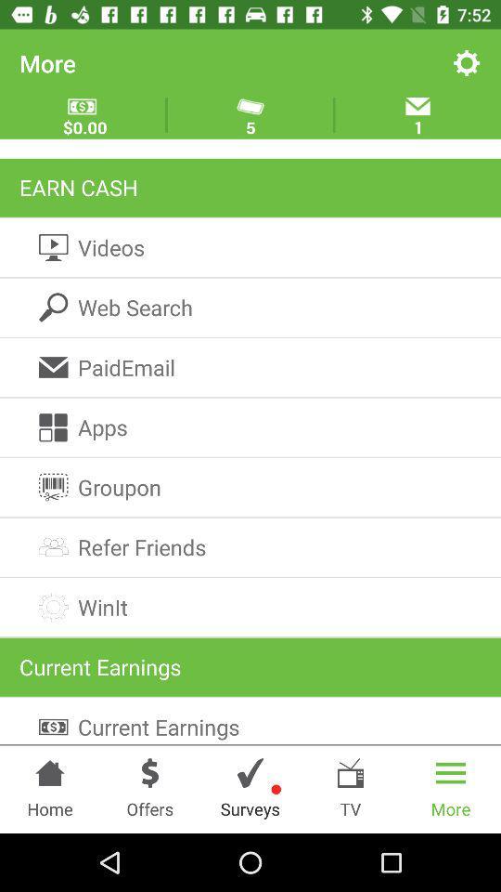 This screenshot has width=501, height=892. What do you see at coordinates (250, 547) in the screenshot?
I see `the icon below groupon icon` at bounding box center [250, 547].